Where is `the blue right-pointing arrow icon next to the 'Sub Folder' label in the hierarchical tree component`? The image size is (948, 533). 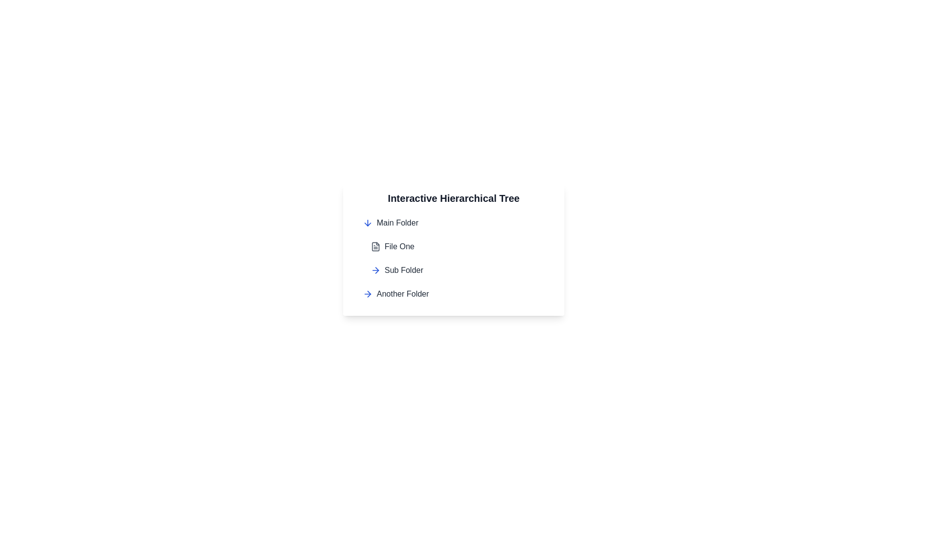
the blue right-pointing arrow icon next to the 'Sub Folder' label in the hierarchical tree component is located at coordinates (375, 270).